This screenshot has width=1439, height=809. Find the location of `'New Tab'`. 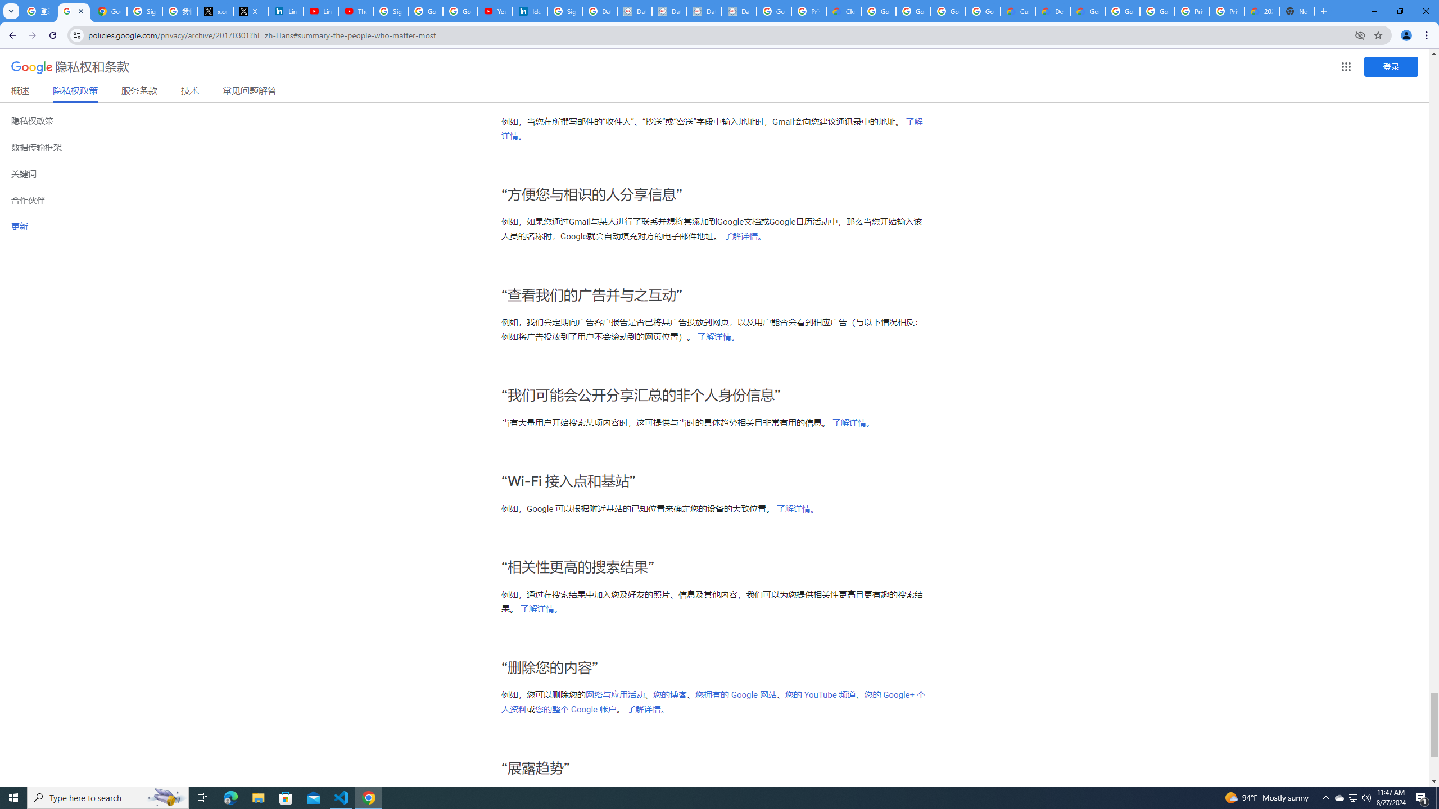

'New Tab' is located at coordinates (1297, 11).